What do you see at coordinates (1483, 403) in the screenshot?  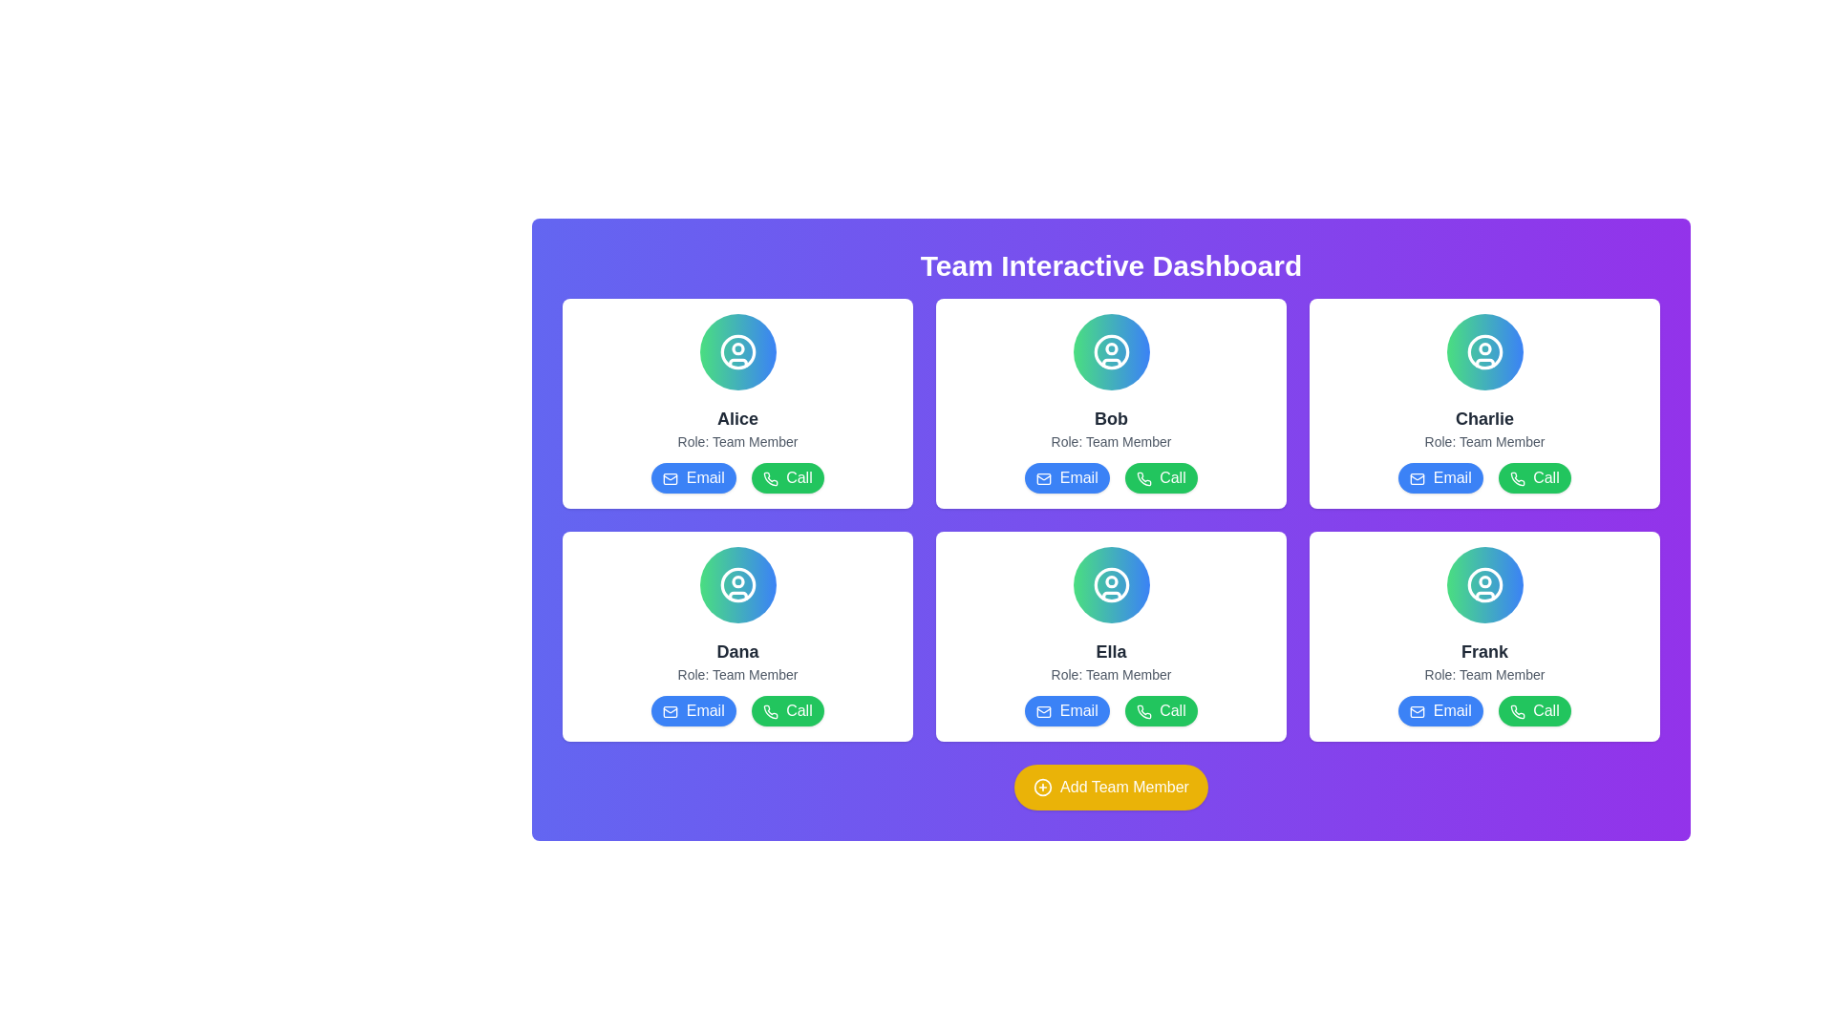 I see `the team member card displaying information about Charlie, which is the third card in the first row of a grid layout` at bounding box center [1483, 403].